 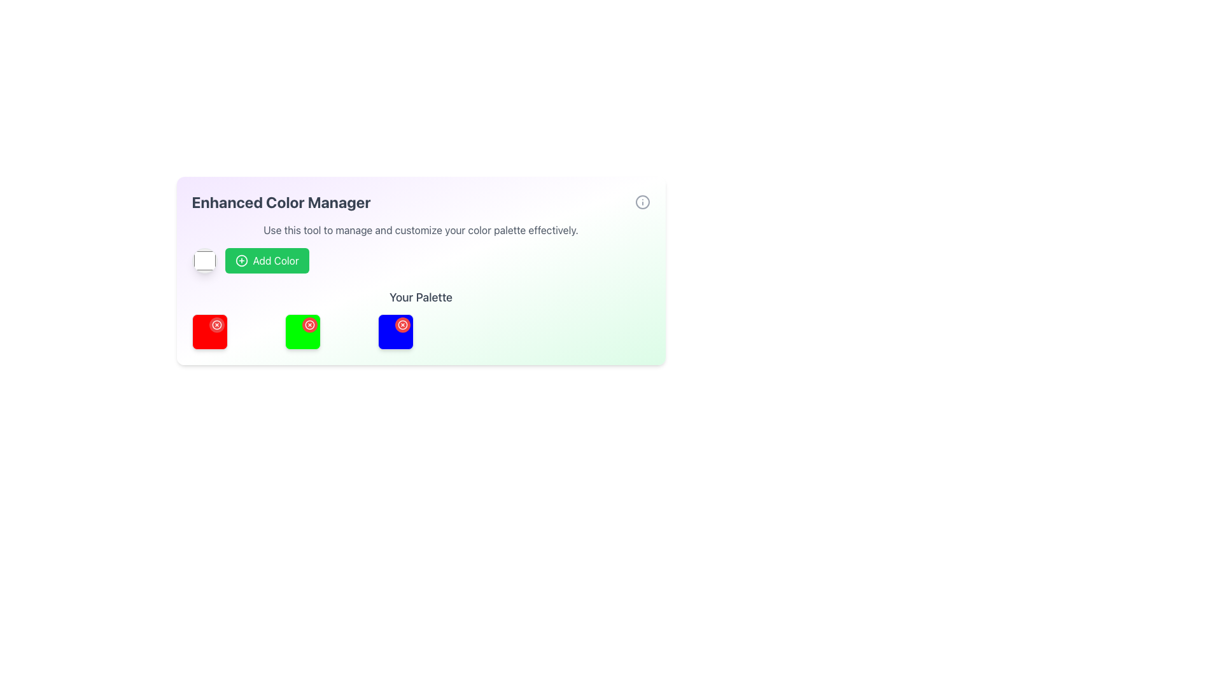 What do you see at coordinates (642, 201) in the screenshot?
I see `the decorative Circle SVG element located in the top-right corner of the interface` at bounding box center [642, 201].